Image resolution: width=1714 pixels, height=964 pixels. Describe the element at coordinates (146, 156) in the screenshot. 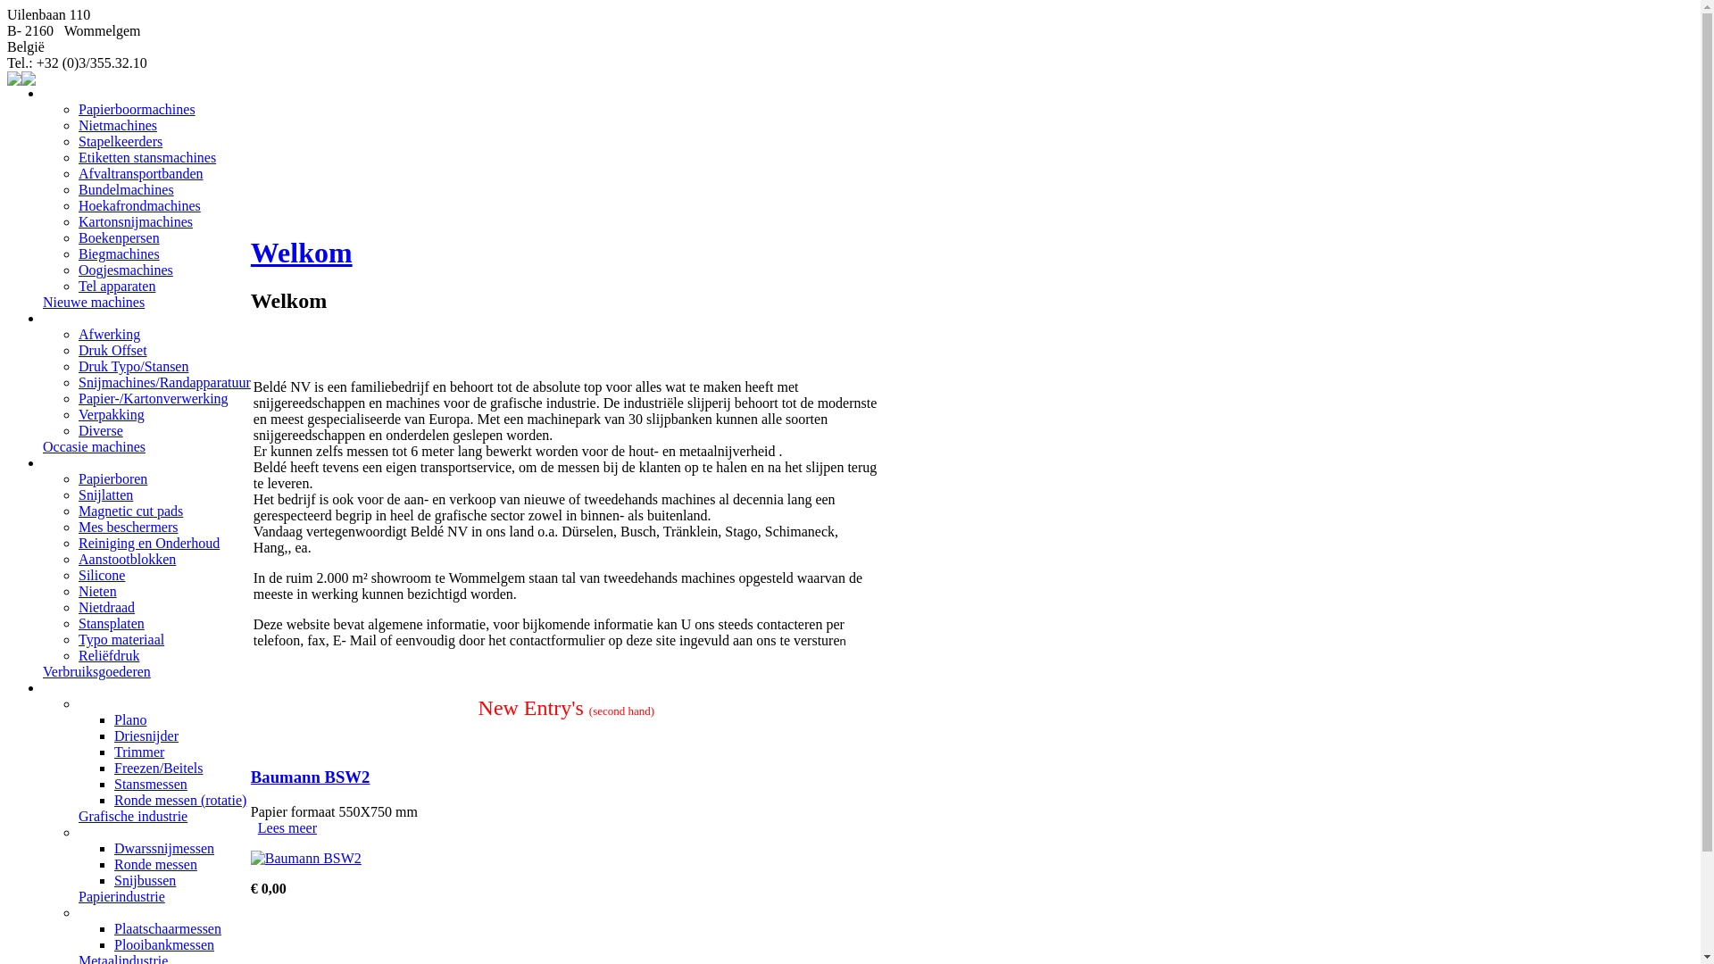

I see `'Etiketten stansmachines'` at that location.